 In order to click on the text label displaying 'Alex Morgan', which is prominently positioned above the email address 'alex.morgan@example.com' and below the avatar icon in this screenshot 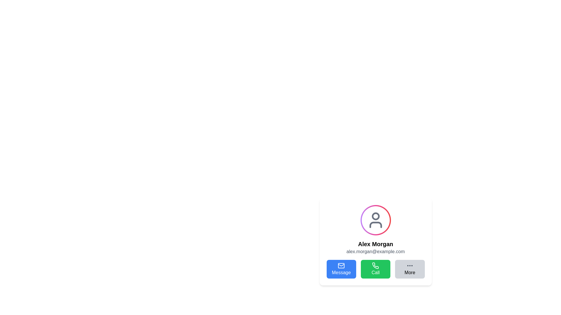, I will do `click(375, 244)`.